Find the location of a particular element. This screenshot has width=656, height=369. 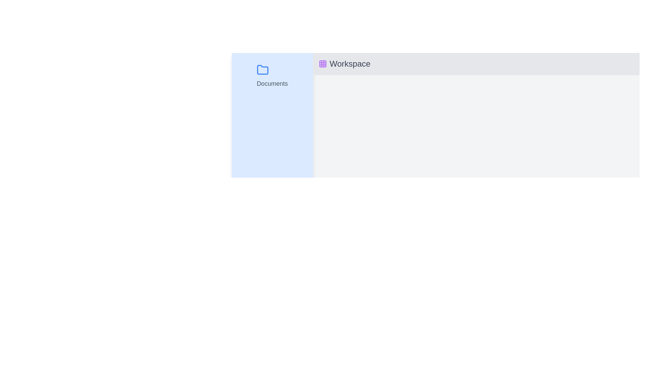

the icon located at the top-center area of the interface, preceding the text label 'Workspace' is located at coordinates (322, 64).